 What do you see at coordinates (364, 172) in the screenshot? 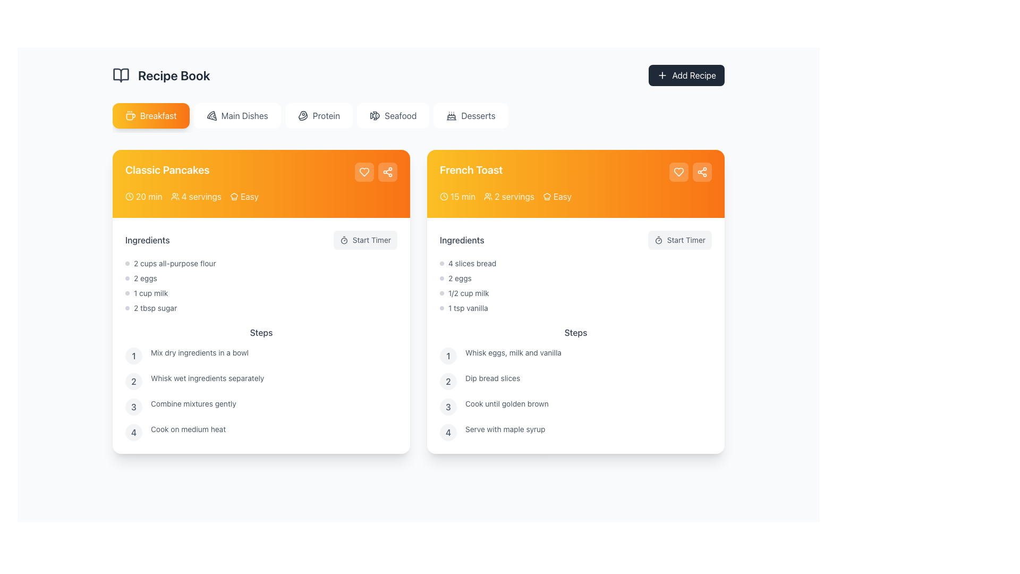
I see `the like button for the 'Classic Pancakes' section located in the top-right corner` at bounding box center [364, 172].